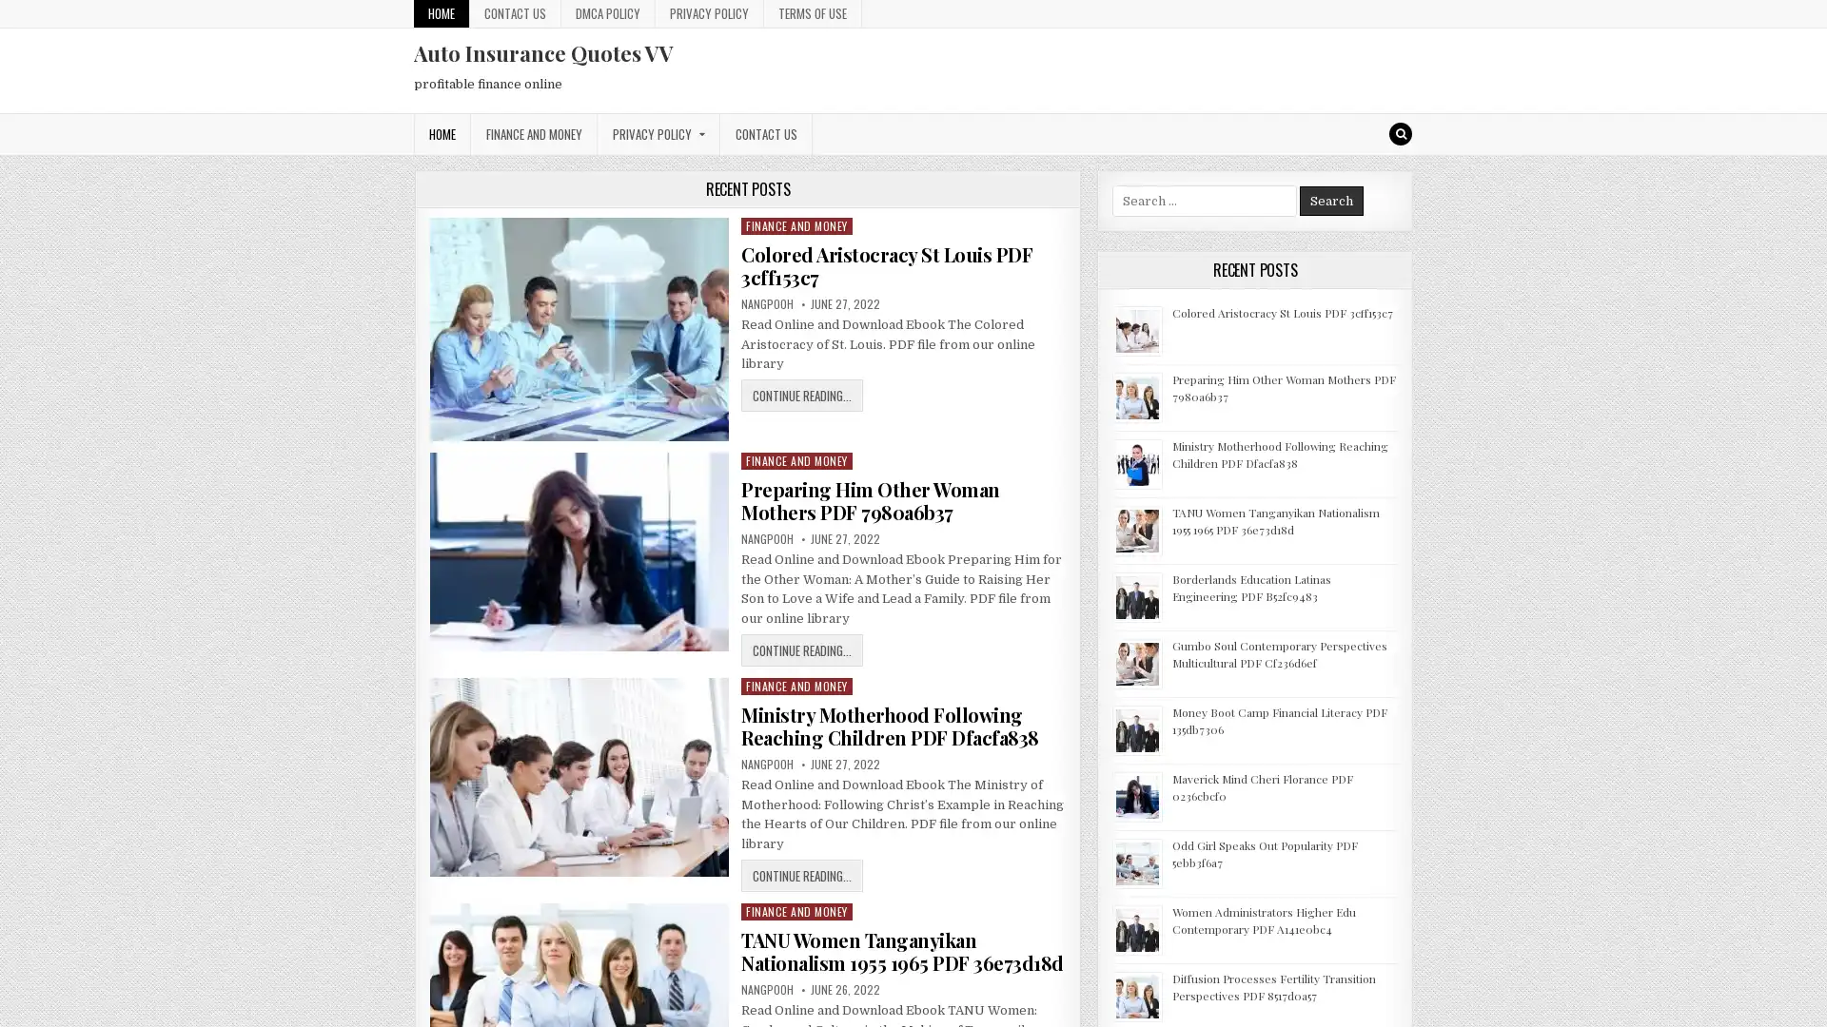 Image resolution: width=1827 pixels, height=1027 pixels. Describe the element at coordinates (1330, 201) in the screenshot. I see `Search` at that location.